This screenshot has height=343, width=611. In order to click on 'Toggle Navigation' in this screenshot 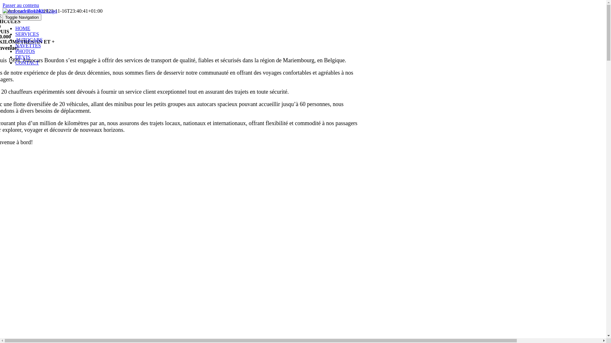, I will do `click(22, 17)`.